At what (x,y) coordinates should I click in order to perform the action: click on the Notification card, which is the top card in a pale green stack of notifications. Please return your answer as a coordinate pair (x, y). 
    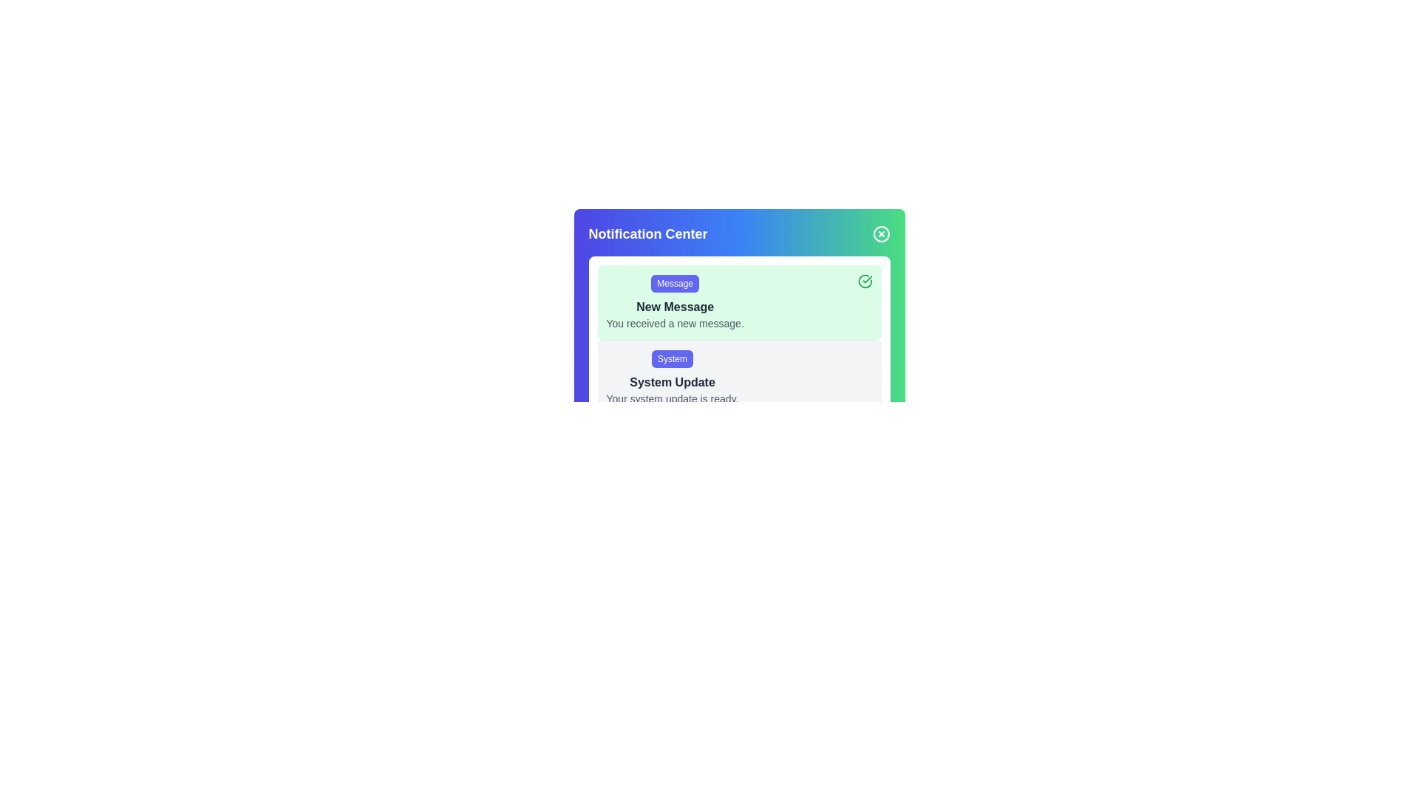
    Looking at the image, I should click on (674, 301).